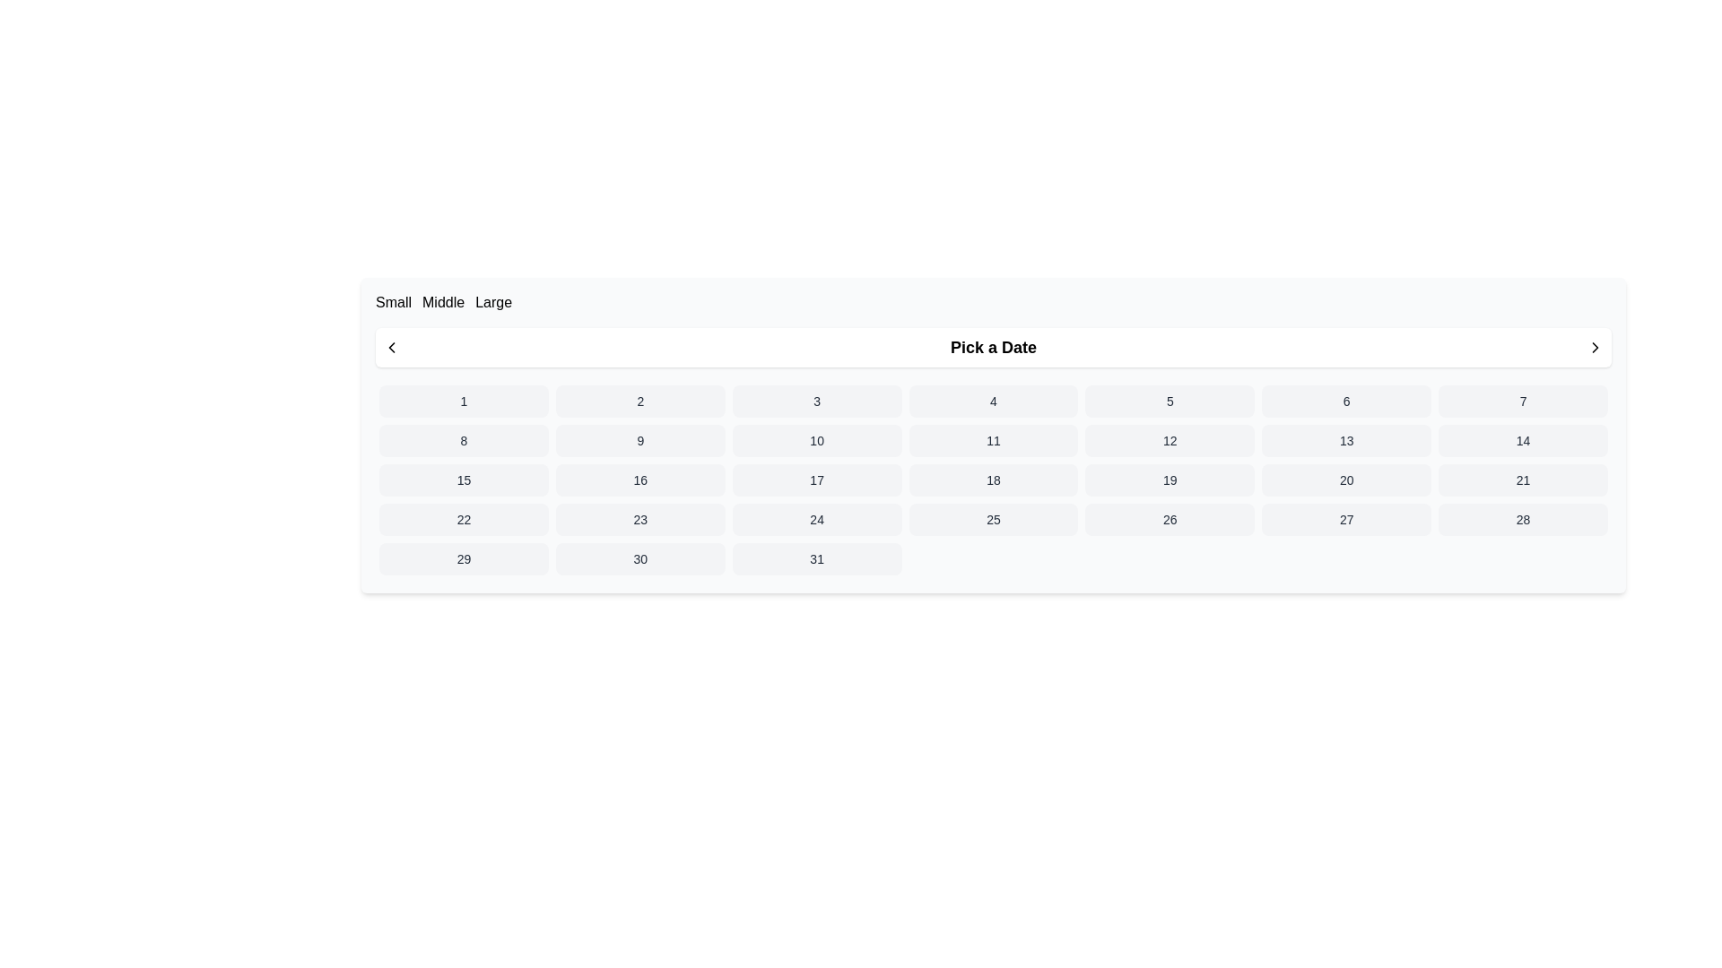  Describe the element at coordinates (390, 348) in the screenshot. I see `the left-facing chevron icon, which is a small arrow-shaped icon outlined in a neutral color and located adjacent to the 'Pick a Date' title` at that location.